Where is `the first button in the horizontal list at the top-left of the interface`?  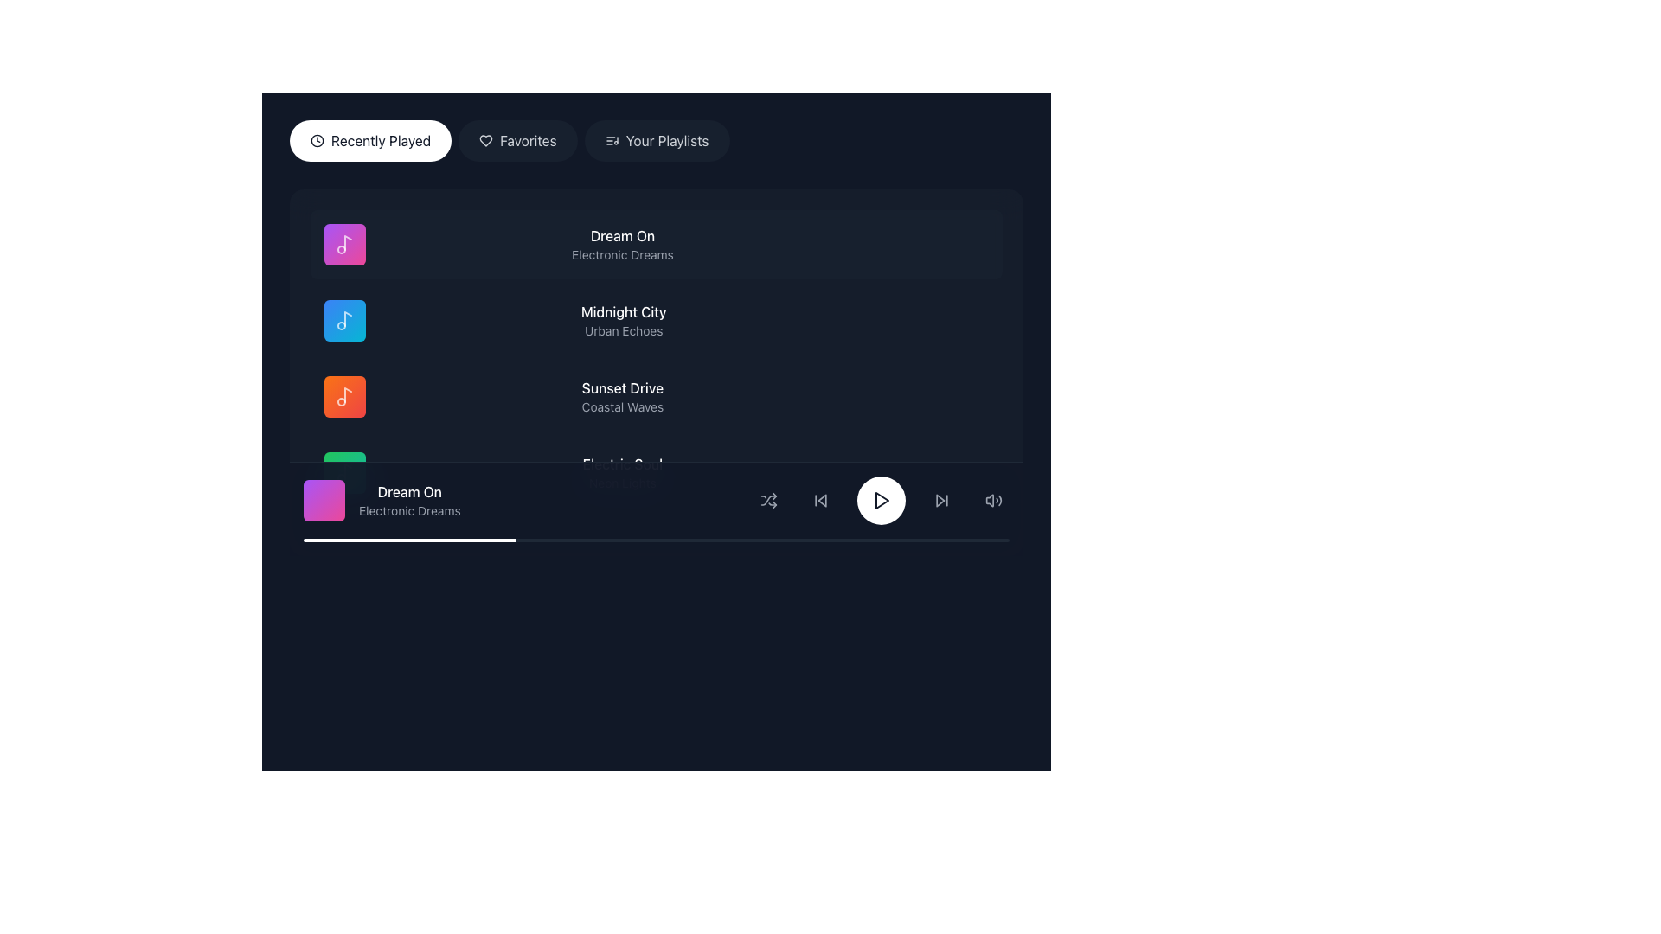 the first button in the horizontal list at the top-left of the interface is located at coordinates (369, 139).